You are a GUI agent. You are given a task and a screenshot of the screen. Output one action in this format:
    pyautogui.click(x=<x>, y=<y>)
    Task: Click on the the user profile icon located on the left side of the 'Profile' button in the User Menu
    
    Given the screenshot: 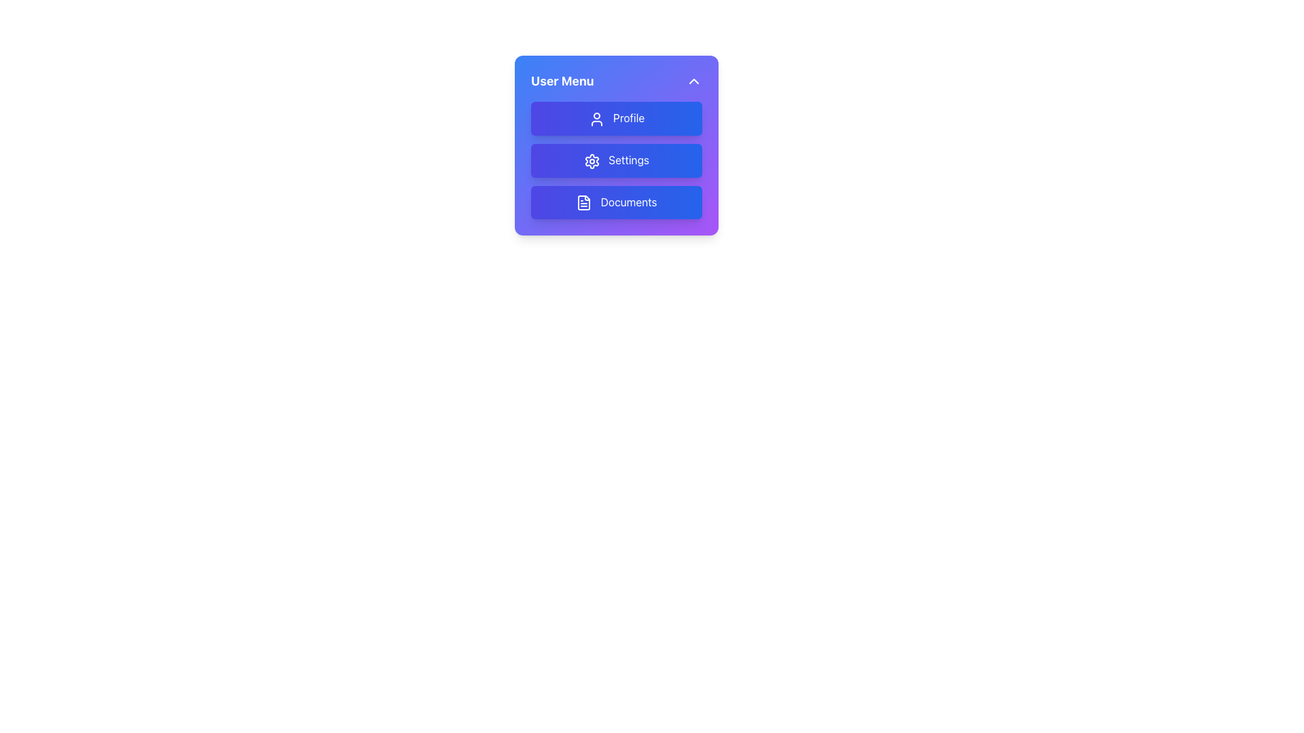 What is the action you would take?
    pyautogui.click(x=596, y=118)
    